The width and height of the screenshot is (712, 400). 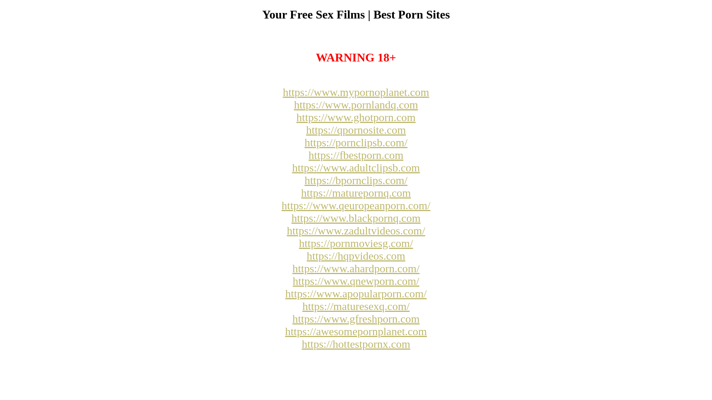 I want to click on 'https://www.zadultvideos.com/', so click(x=355, y=230).